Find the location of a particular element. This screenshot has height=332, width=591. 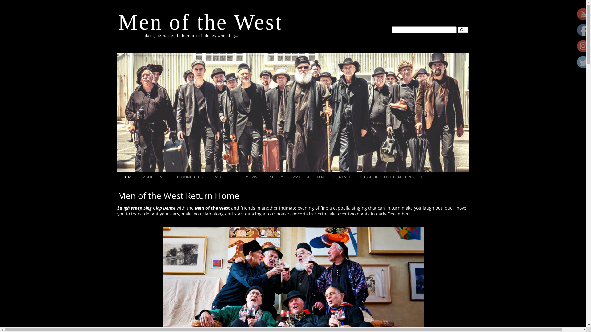

'Twitter' is located at coordinates (577, 62).